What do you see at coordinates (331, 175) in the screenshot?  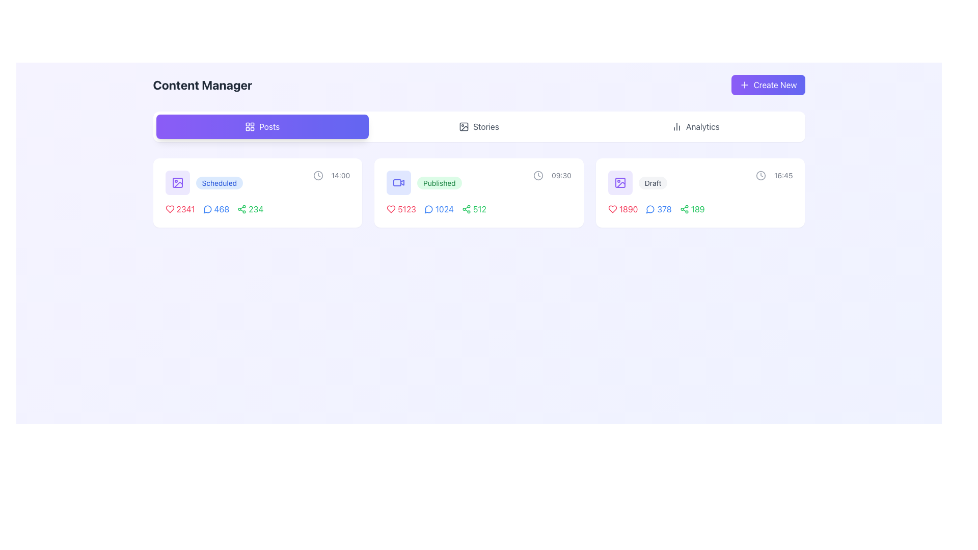 I see `the Time display component that shows '14:00' in the top right section of the card labeled 'Scheduled'` at bounding box center [331, 175].